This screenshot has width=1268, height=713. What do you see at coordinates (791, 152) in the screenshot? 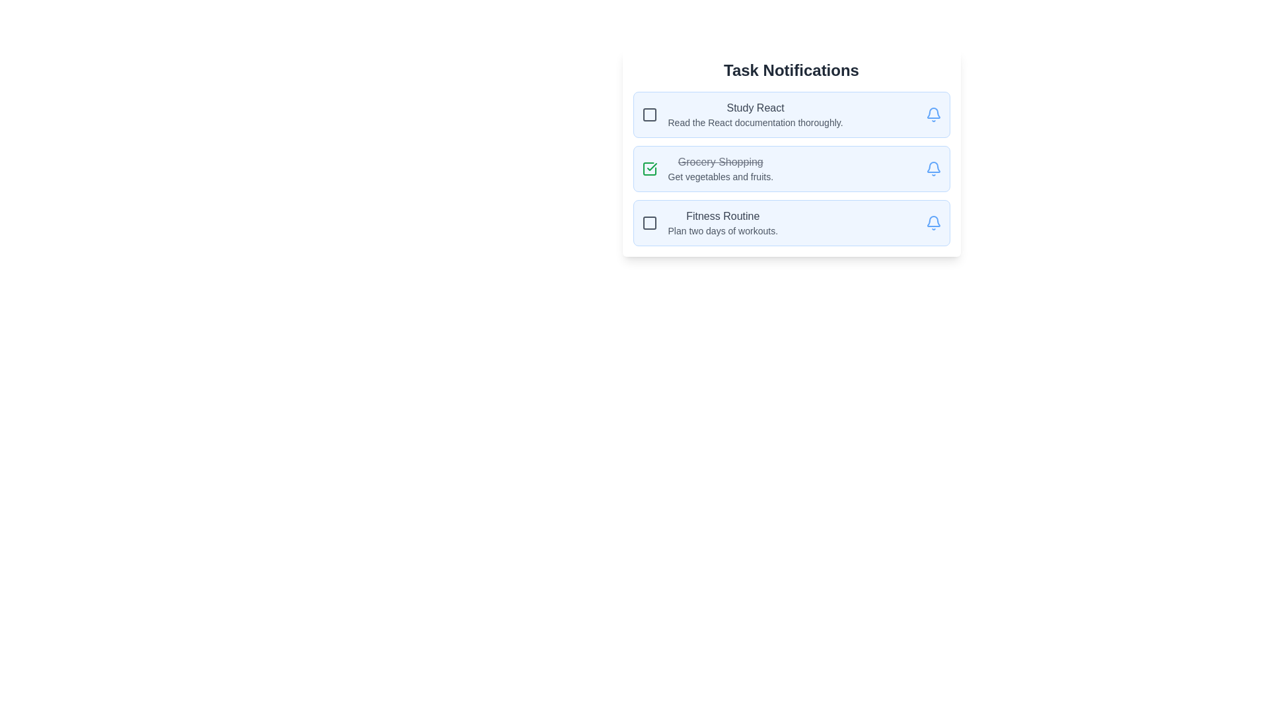
I see `the checkbox on the left side of the 'Grocery Shopping' task item` at bounding box center [791, 152].